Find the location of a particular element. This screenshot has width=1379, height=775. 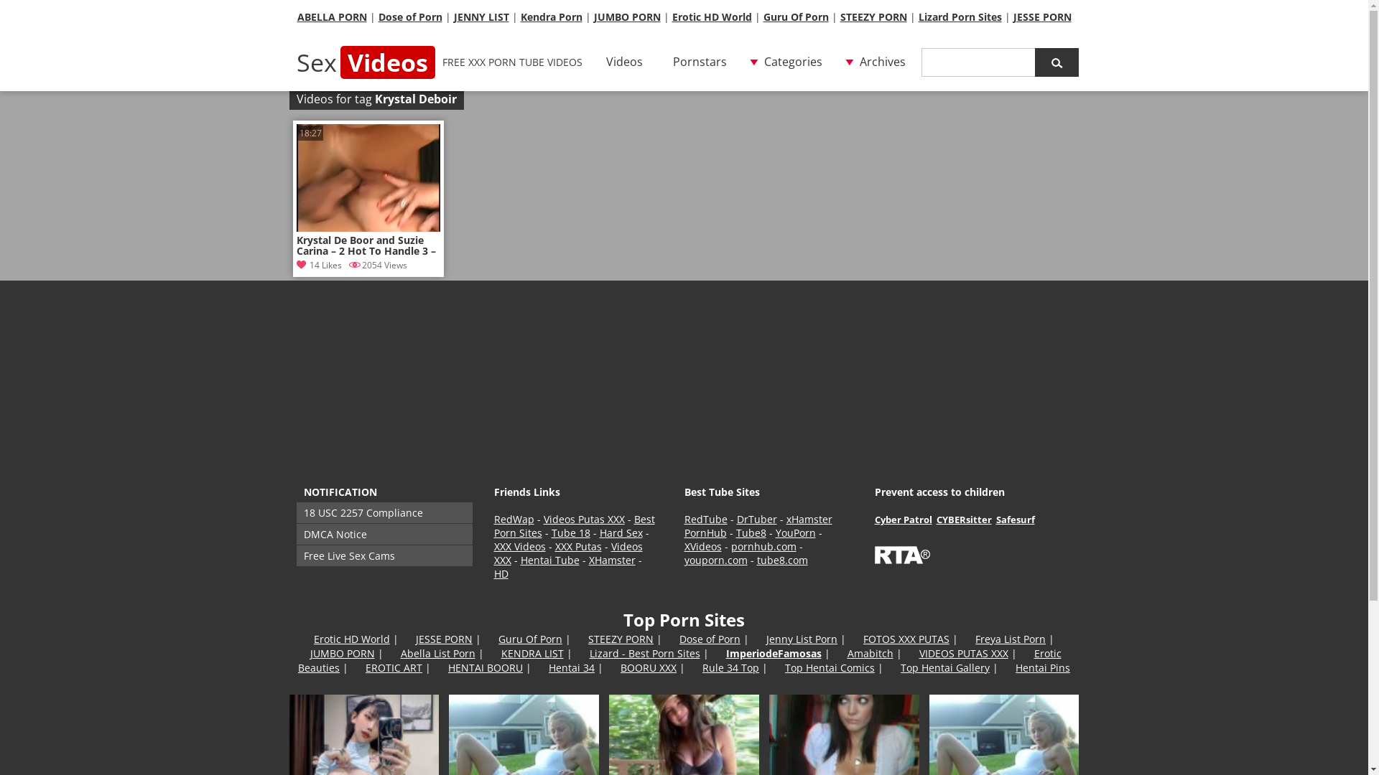

'Hentai Pins' is located at coordinates (1042, 667).